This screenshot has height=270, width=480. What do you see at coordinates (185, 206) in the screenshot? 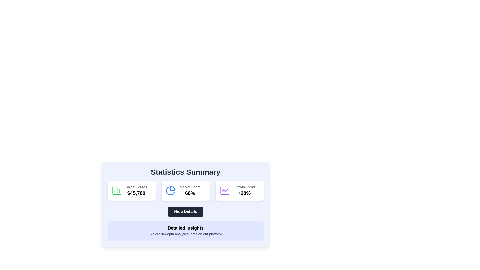
I see `the interactive button on the statistics summary panel to hide the details` at bounding box center [185, 206].